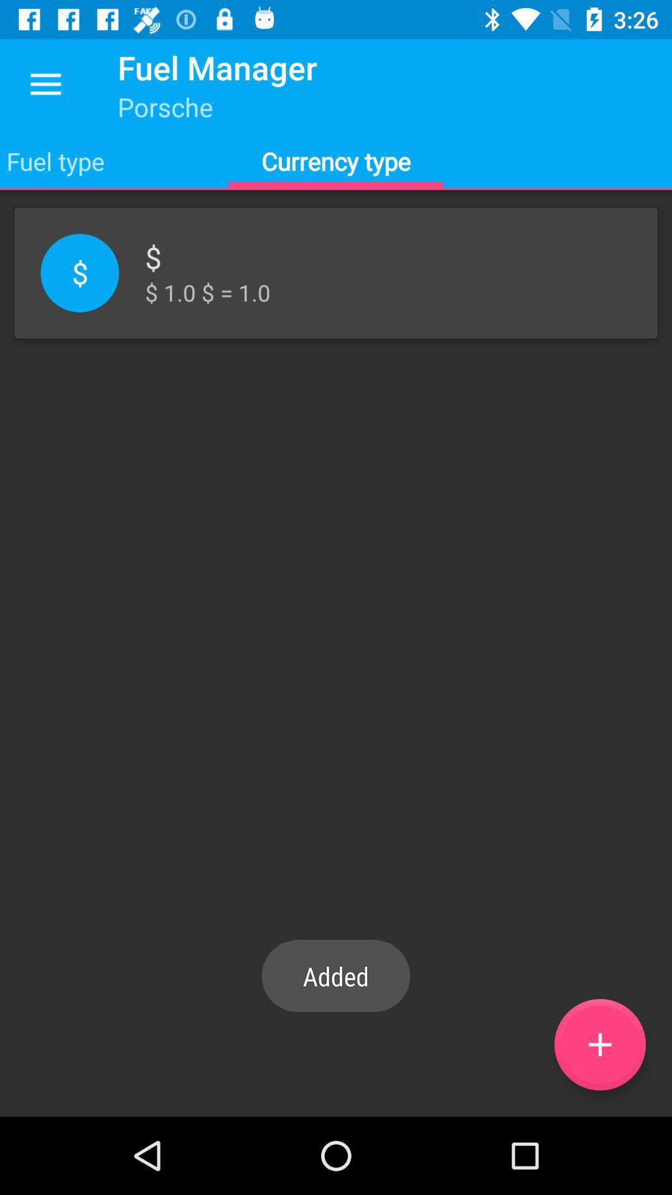  Describe the element at coordinates (599, 1044) in the screenshot. I see `new currency` at that location.